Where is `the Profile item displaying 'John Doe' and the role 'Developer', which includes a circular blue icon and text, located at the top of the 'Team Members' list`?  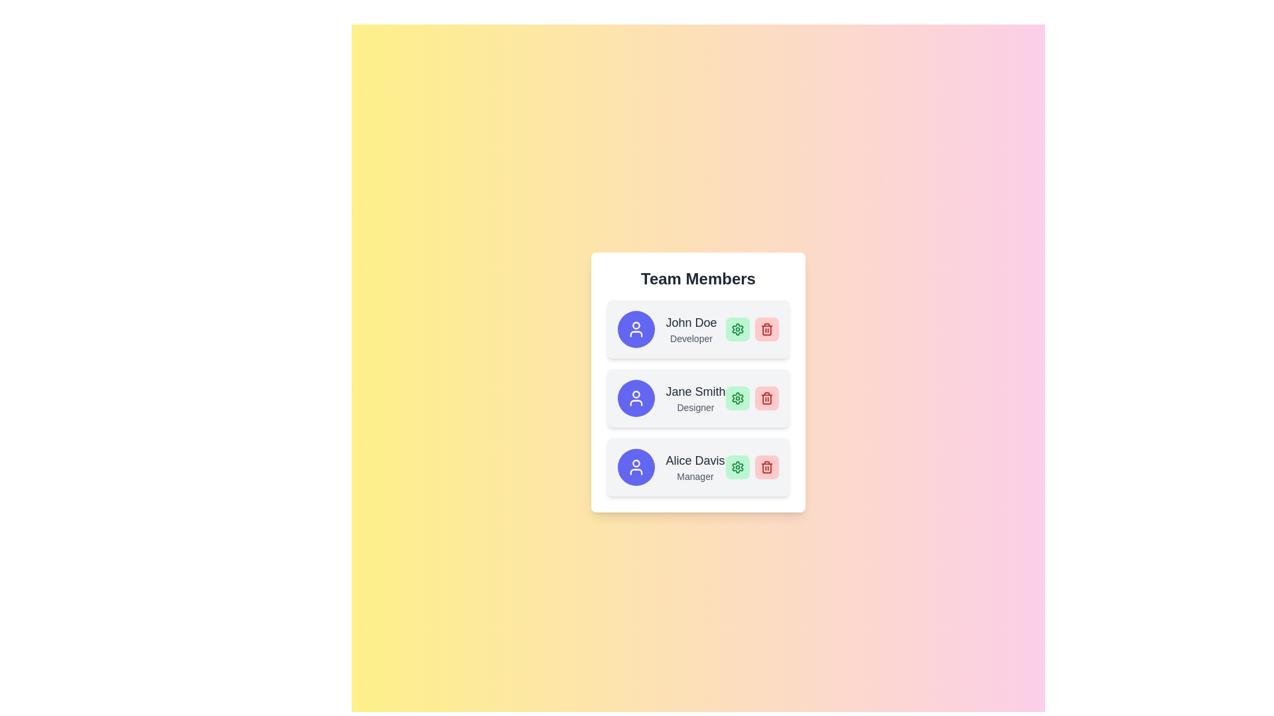
the Profile item displaying 'John Doe' and the role 'Developer', which includes a circular blue icon and text, located at the top of the 'Team Members' list is located at coordinates (668, 329).